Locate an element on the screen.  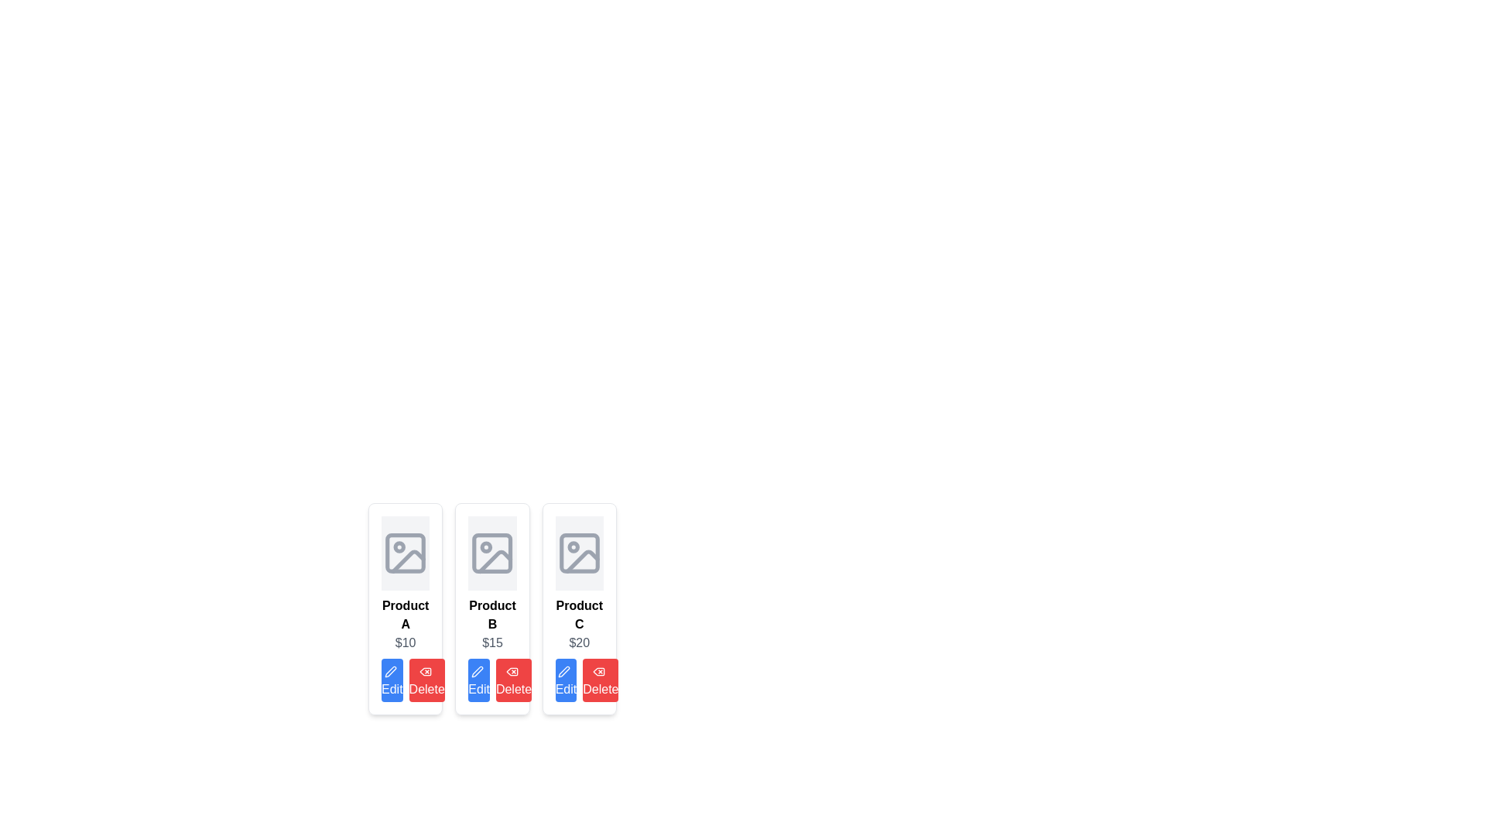
text label 'Product B' prominently displayed in the middle section of the product card, which is located beneath the product image and above the price and action buttons is located at coordinates (491, 614).